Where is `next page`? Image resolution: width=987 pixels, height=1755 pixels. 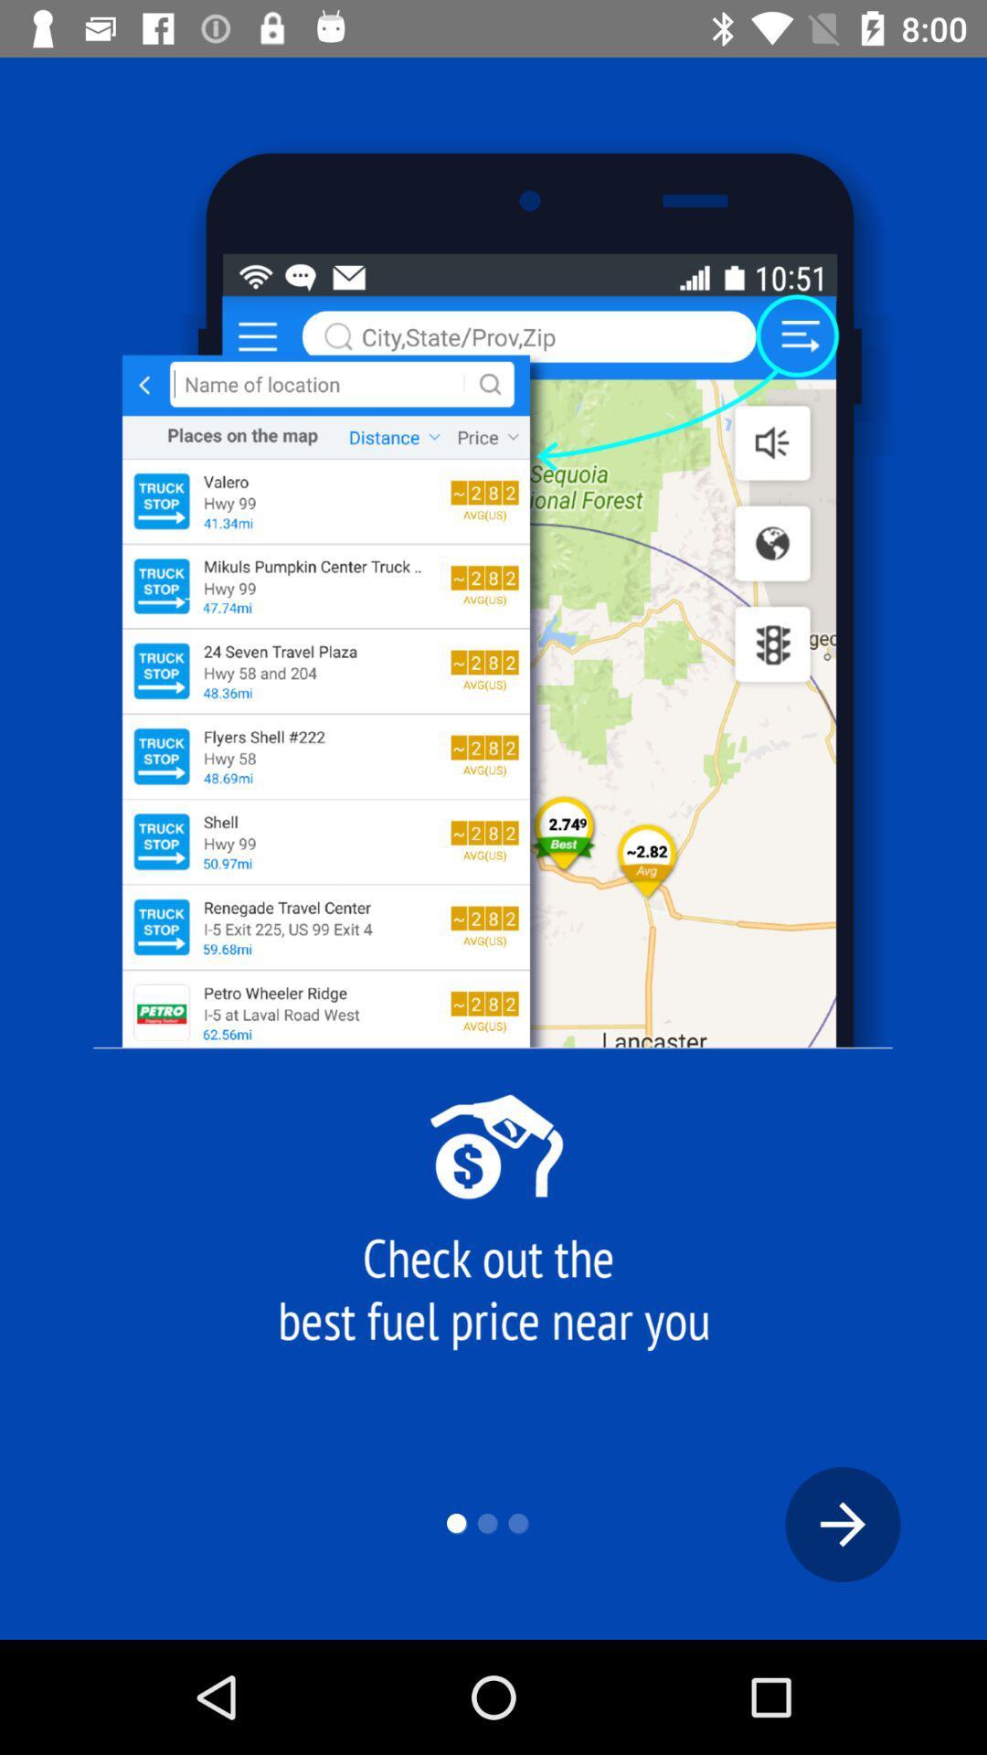 next page is located at coordinates (843, 1524).